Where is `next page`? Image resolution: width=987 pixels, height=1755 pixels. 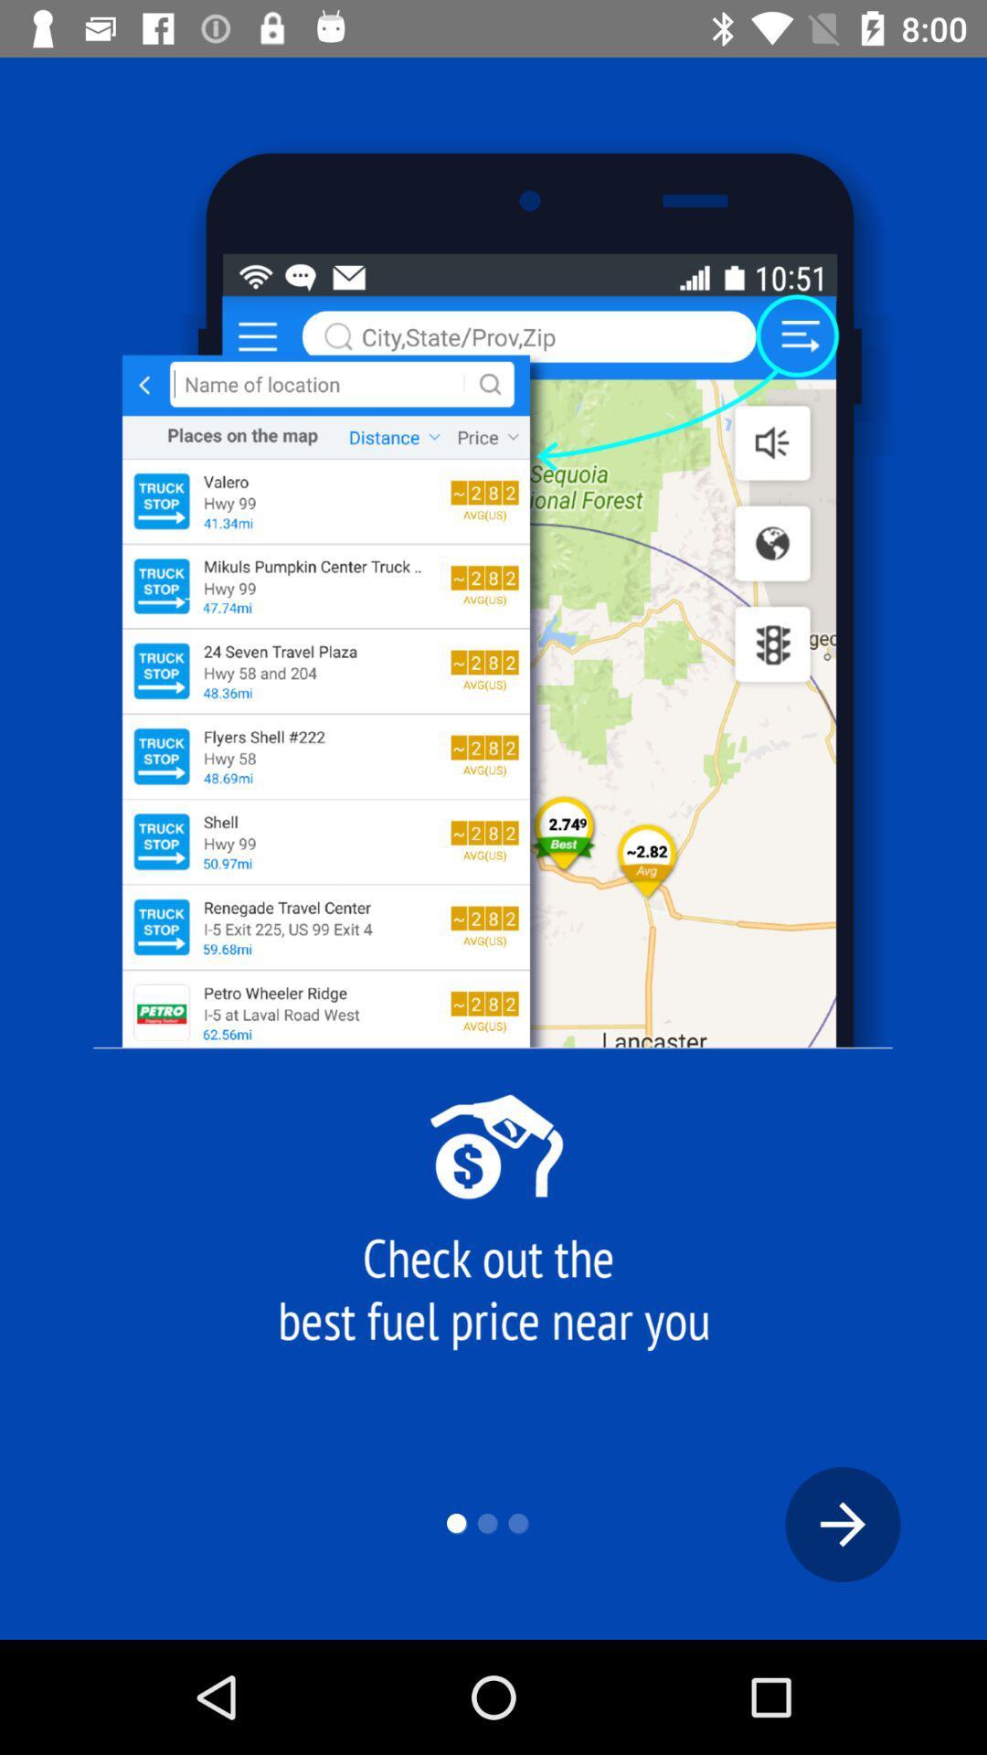 next page is located at coordinates (843, 1524).